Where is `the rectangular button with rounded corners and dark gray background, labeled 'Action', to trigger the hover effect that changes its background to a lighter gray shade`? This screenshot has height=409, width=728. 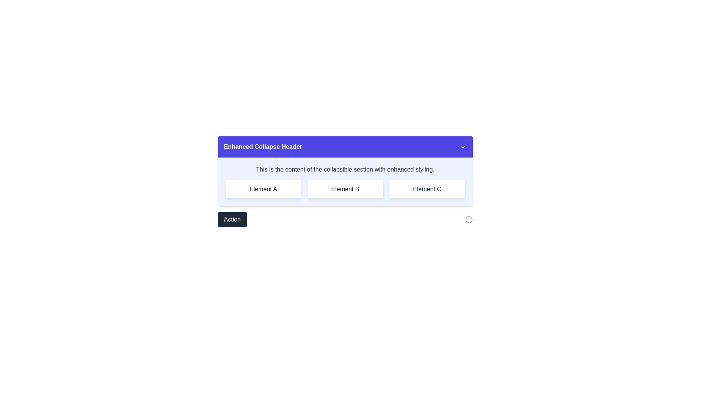 the rectangular button with rounded corners and dark gray background, labeled 'Action', to trigger the hover effect that changes its background to a lighter gray shade is located at coordinates (232, 219).